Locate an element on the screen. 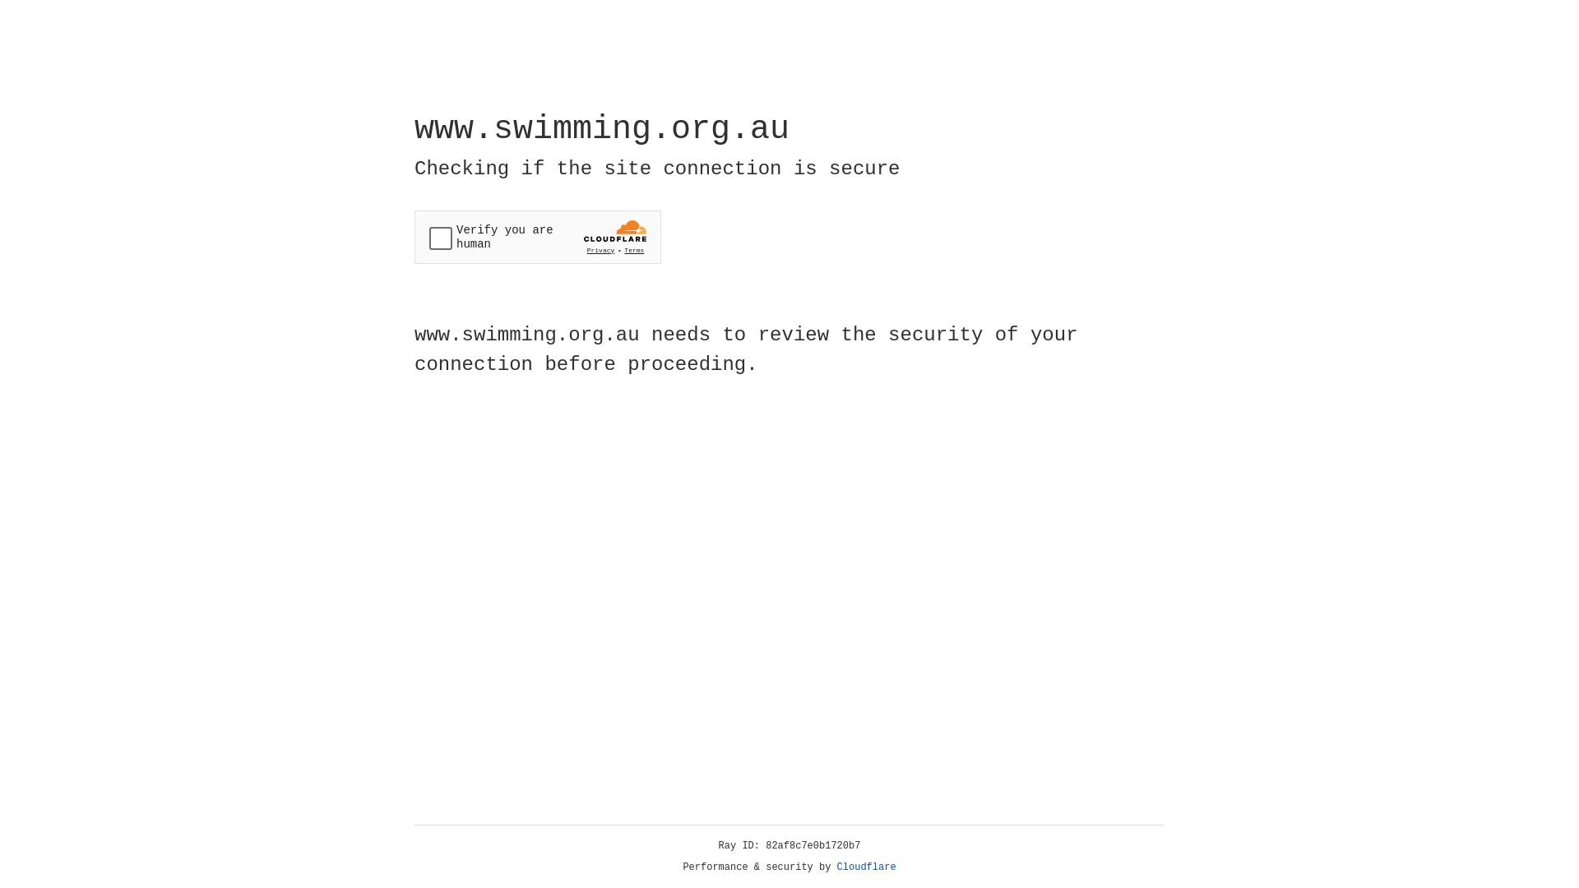  'Widget containing a Cloudflare security challenge' is located at coordinates (537, 237).